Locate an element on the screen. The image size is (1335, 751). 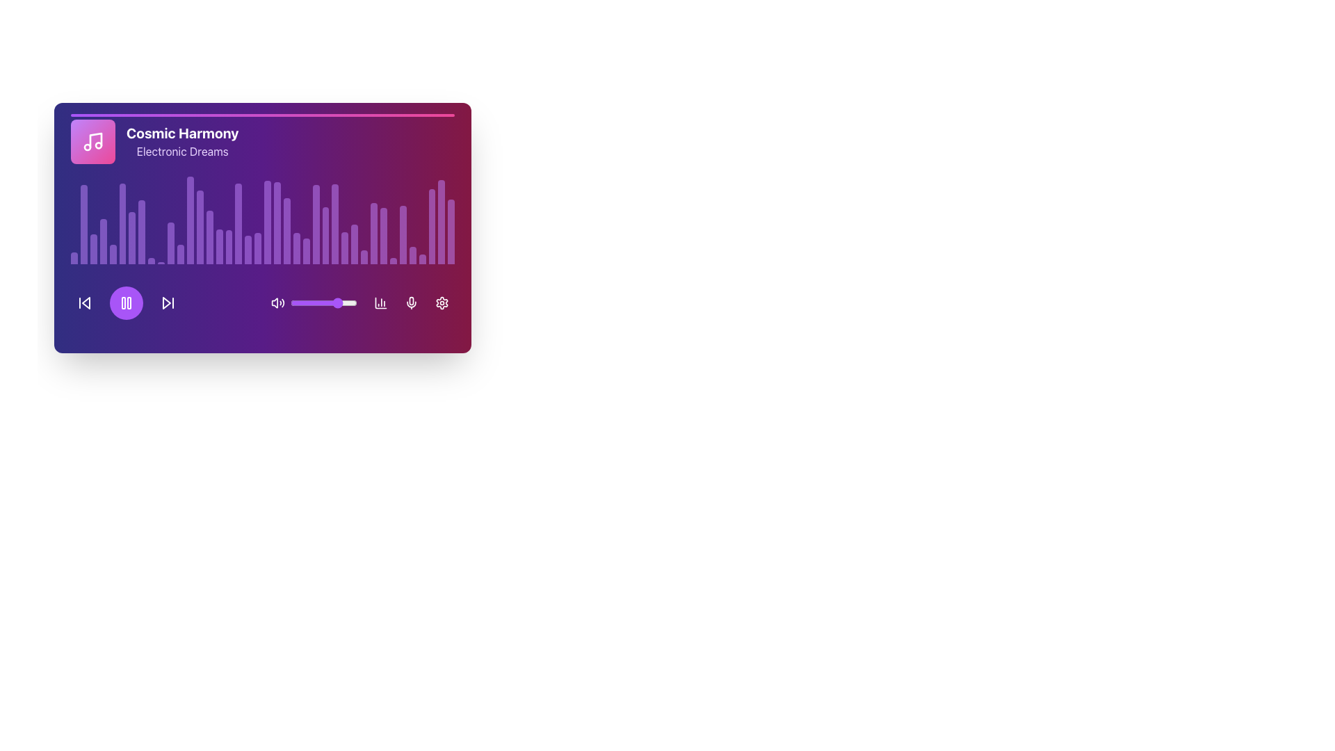
the 21st bar in the visualizer indicating amplitude or intensity is located at coordinates (268, 222).